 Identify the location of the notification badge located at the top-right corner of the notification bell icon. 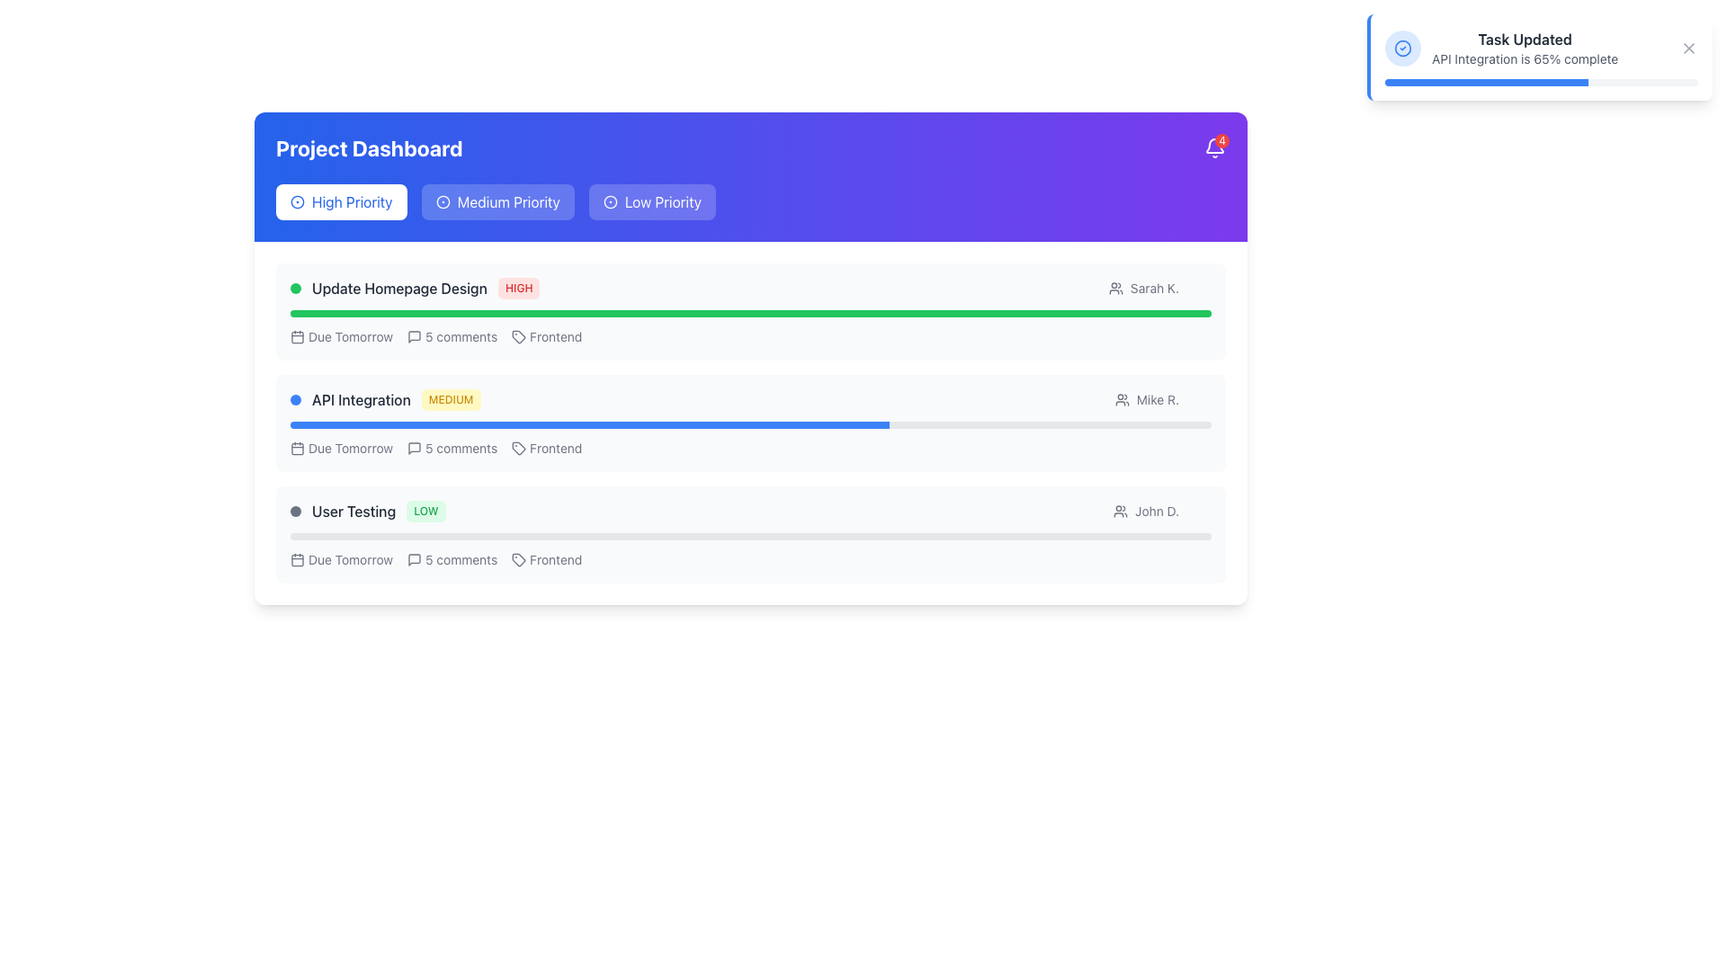
(1221, 140).